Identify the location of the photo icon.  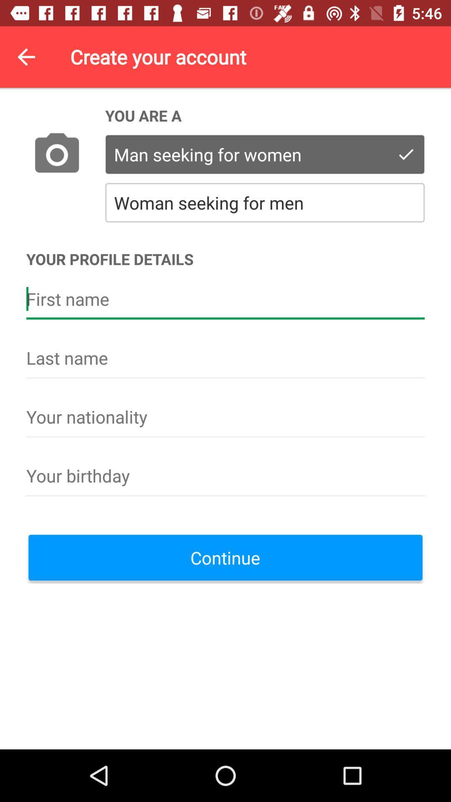
(56, 155).